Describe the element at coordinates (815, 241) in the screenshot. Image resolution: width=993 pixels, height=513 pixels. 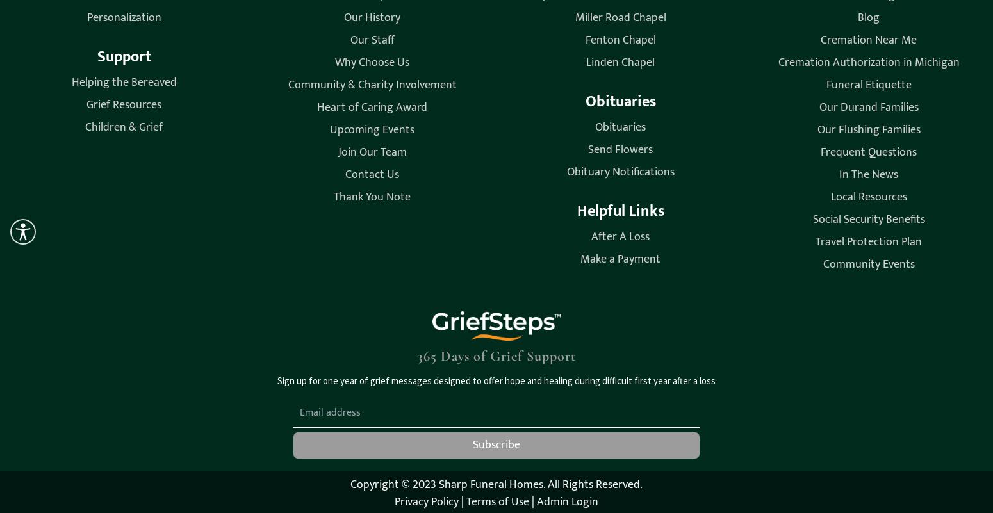
I see `'Travel Protection Plan'` at that location.